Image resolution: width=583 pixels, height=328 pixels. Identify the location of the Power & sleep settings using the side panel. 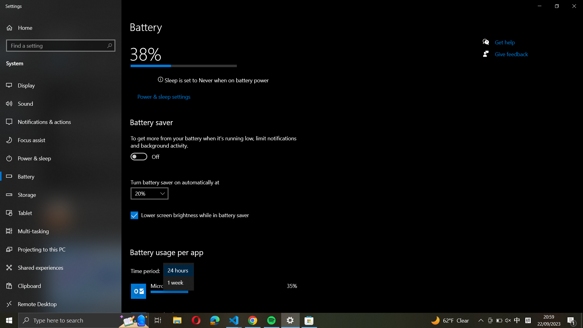
(163, 97).